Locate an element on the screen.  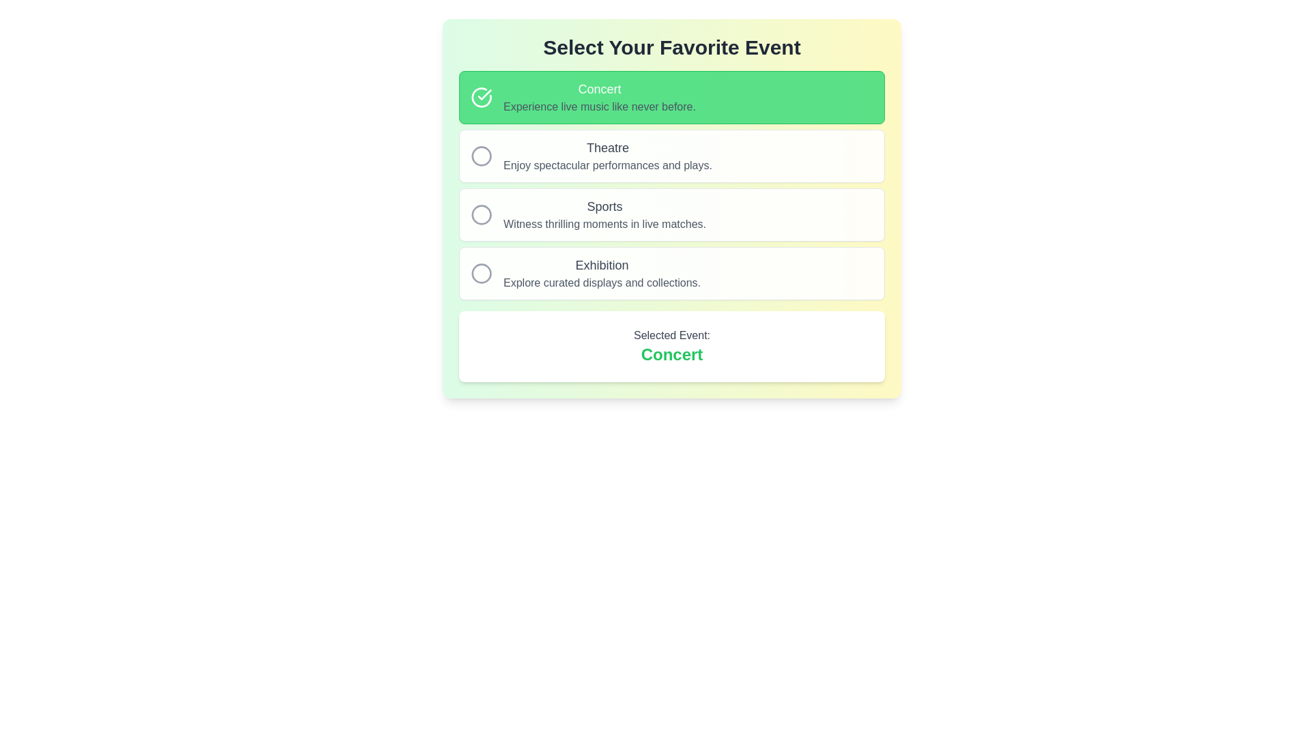
the circular radio button for the 'Sports' selection is located at coordinates (481, 215).